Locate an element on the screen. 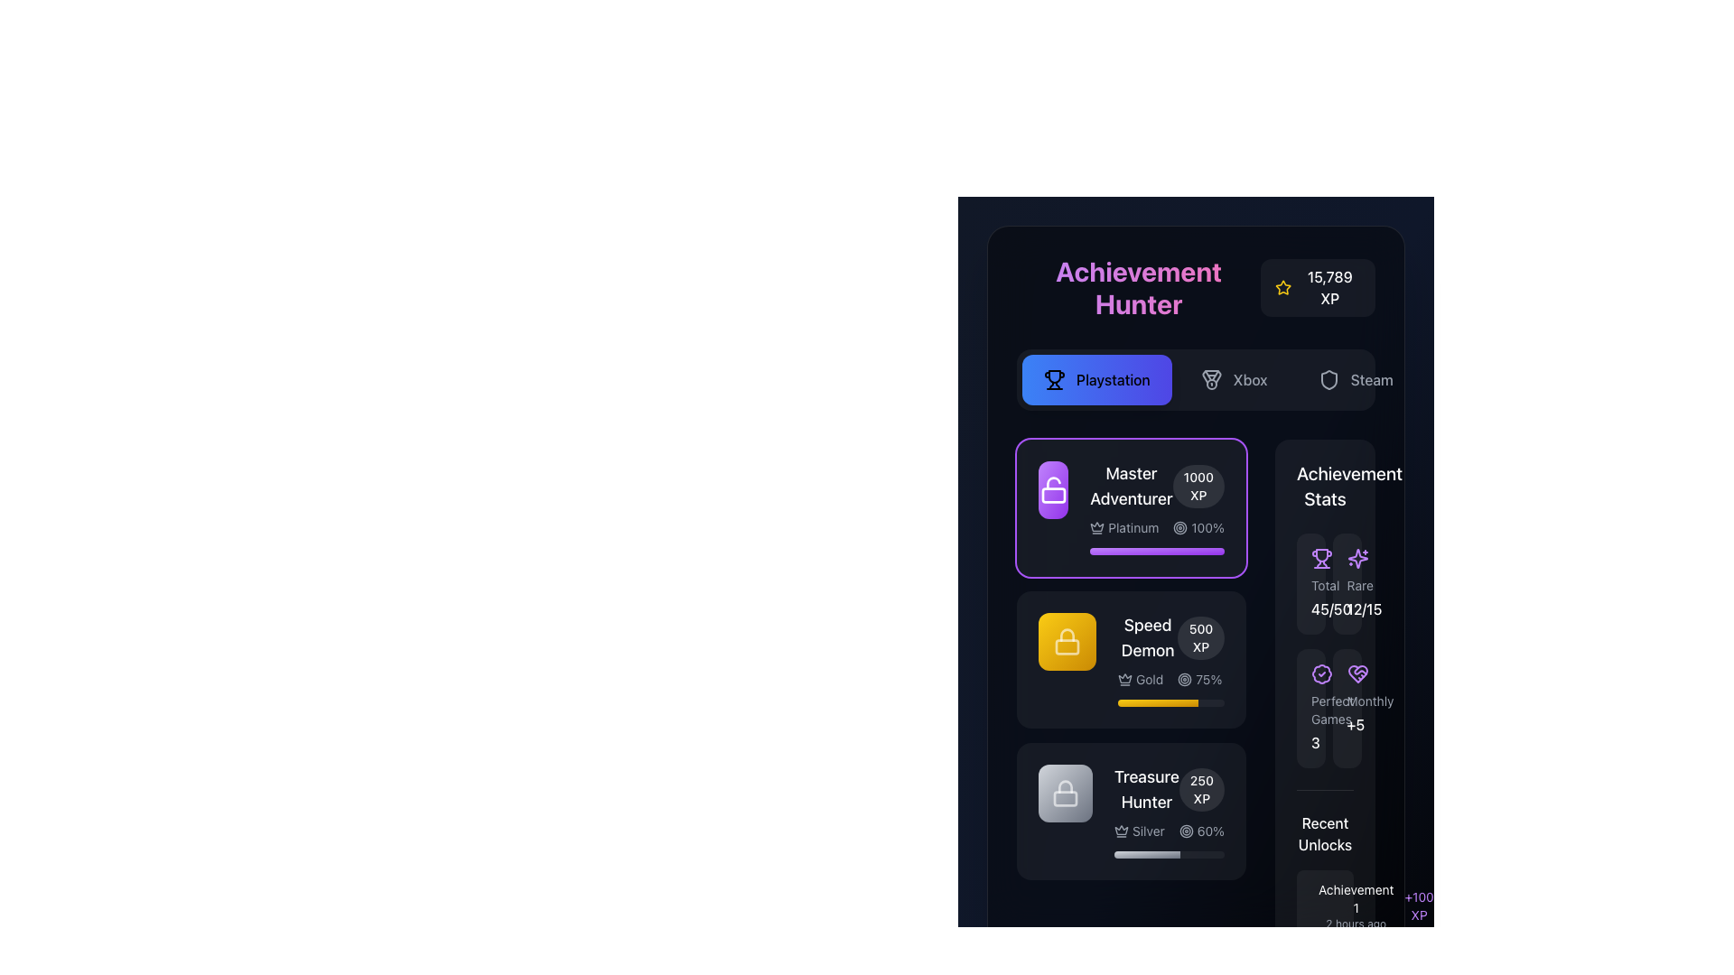  the 'Master Adventurer' label is located at coordinates (1157, 486).